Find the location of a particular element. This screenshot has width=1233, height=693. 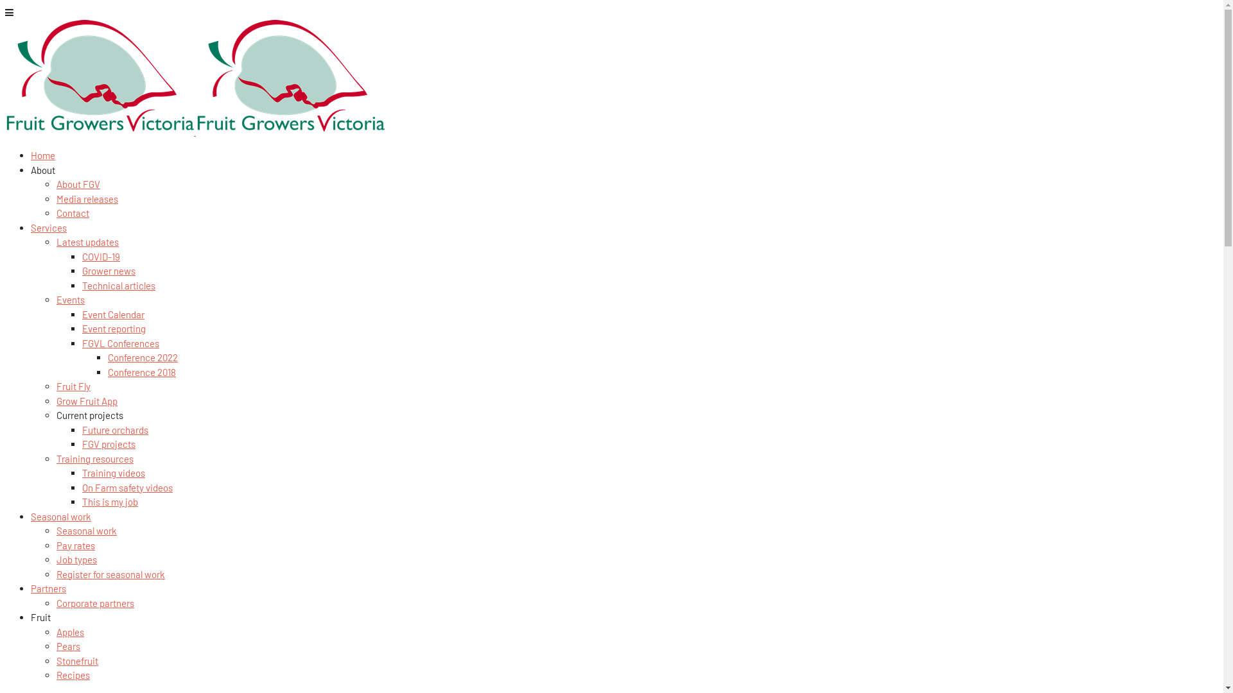

'Seasonal work' is located at coordinates (85, 530).